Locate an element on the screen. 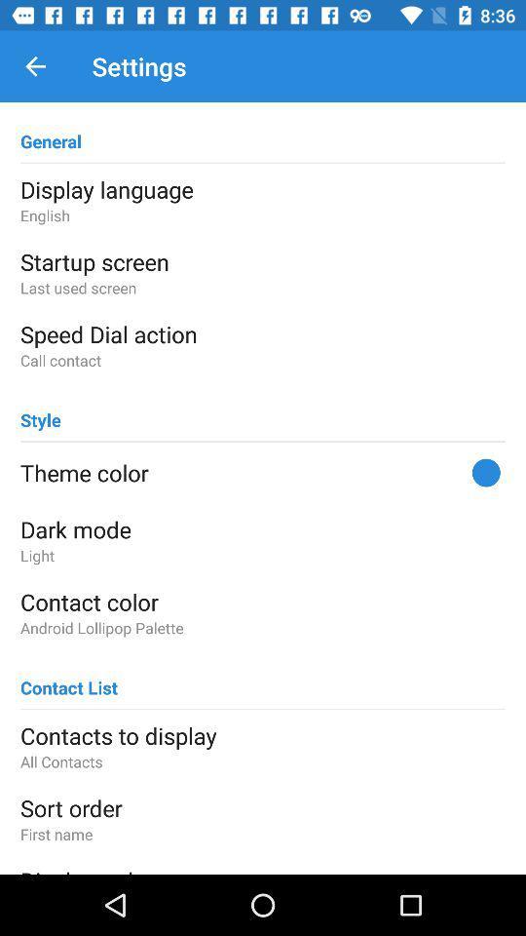  style is located at coordinates (40, 411).